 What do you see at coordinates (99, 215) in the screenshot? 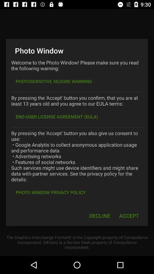
I see `the icon below the photo window privacy` at bounding box center [99, 215].